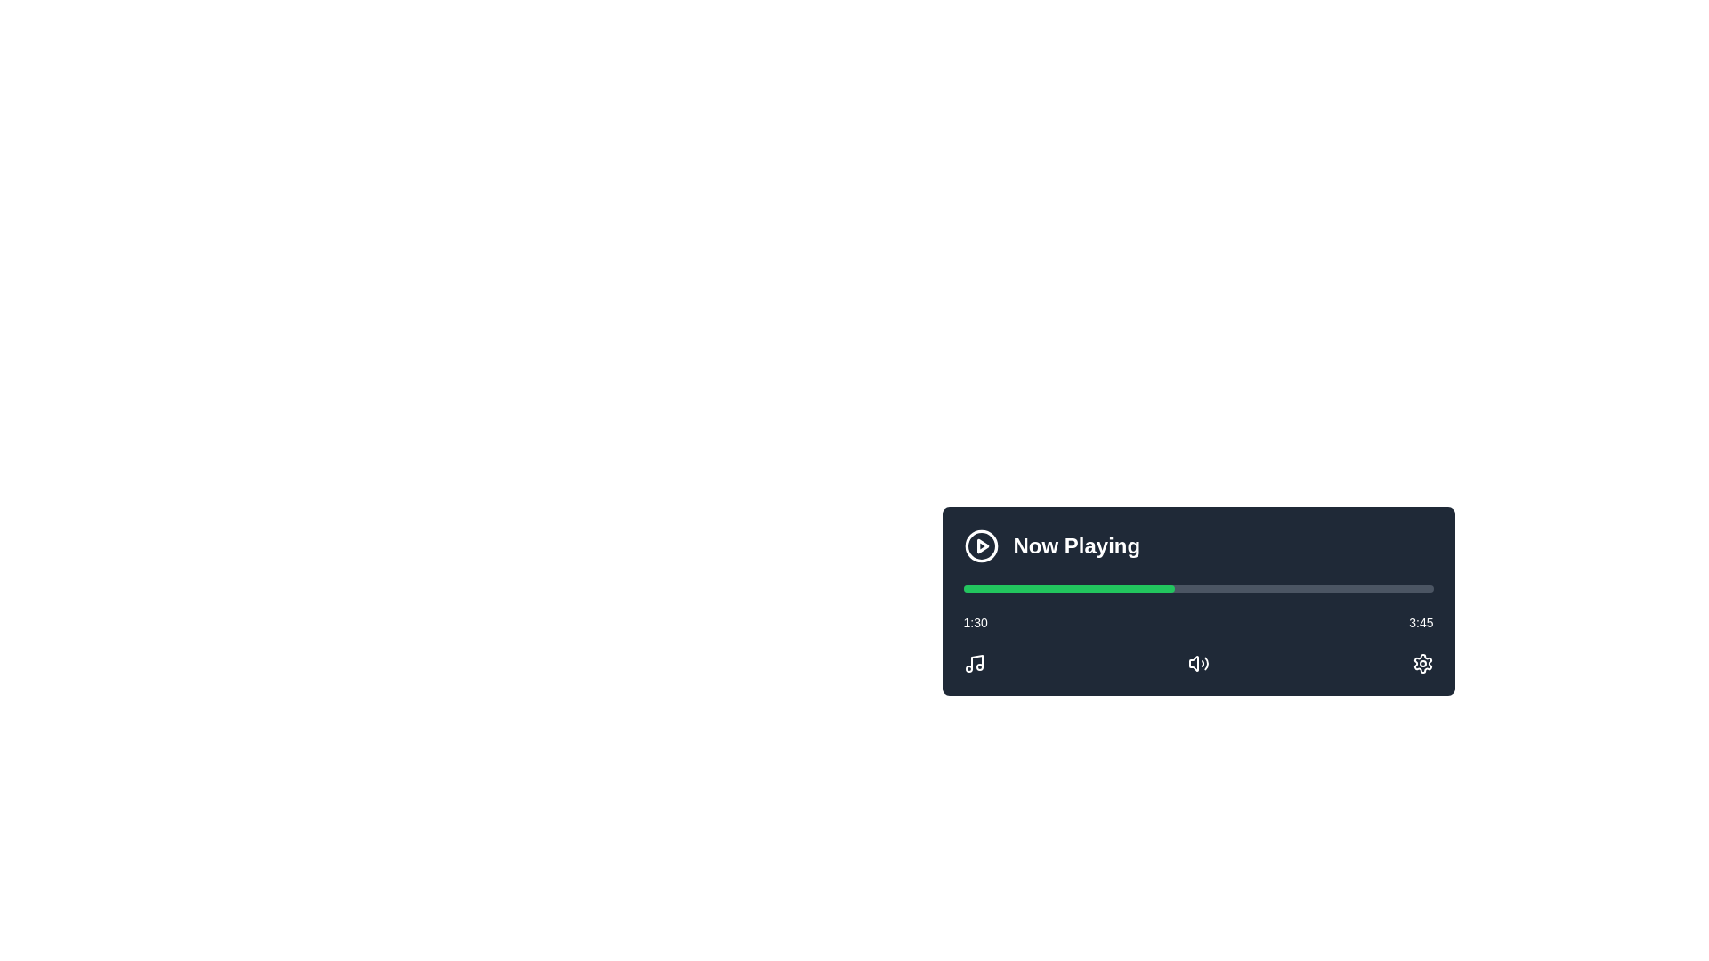 This screenshot has height=961, width=1709. I want to click on playback position, so click(1325, 589).